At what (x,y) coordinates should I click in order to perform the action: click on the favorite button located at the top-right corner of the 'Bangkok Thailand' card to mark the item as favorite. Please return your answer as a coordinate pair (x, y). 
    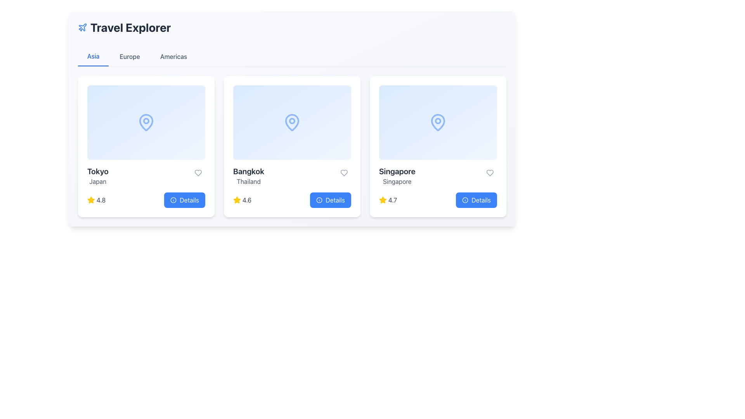
    Looking at the image, I should click on (344, 173).